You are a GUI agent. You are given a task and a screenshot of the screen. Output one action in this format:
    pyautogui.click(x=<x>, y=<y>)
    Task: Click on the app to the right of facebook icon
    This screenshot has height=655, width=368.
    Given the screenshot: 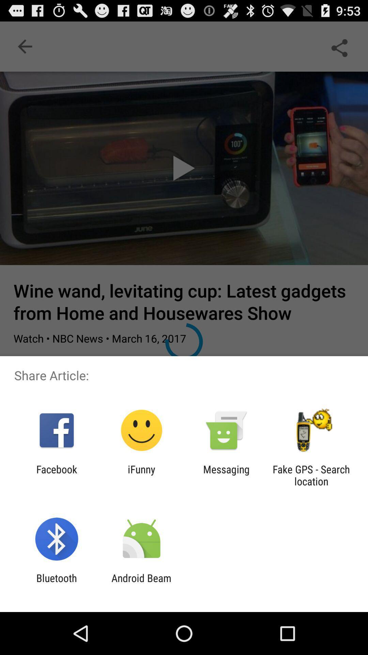 What is the action you would take?
    pyautogui.click(x=141, y=475)
    